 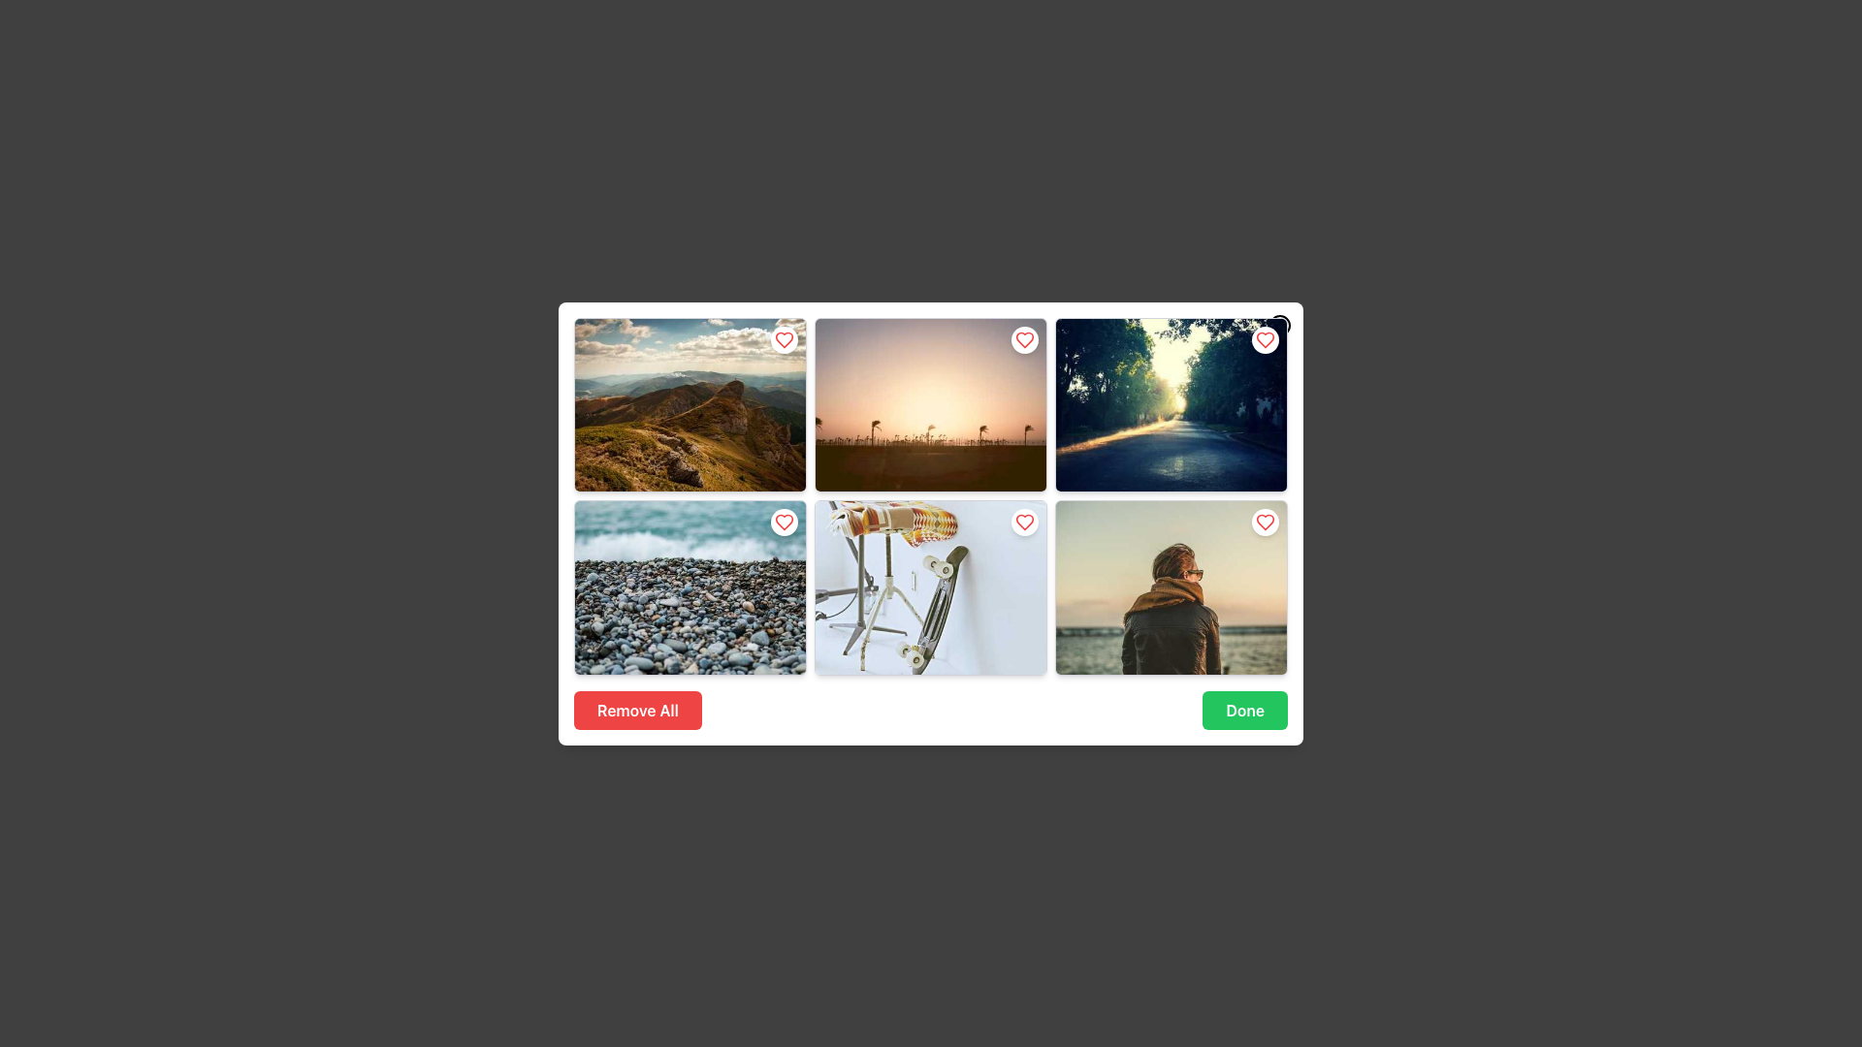 I want to click on the heart-shaped icon button with a red border and hollow interior at the top-right corner of the first image in the grid layout, so click(x=785, y=338).